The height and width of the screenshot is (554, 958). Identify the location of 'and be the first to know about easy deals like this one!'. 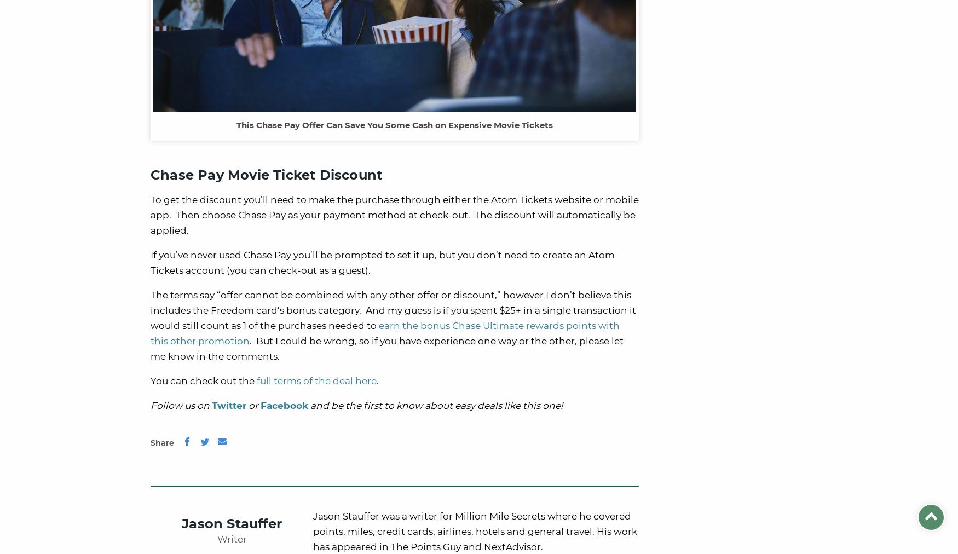
(435, 405).